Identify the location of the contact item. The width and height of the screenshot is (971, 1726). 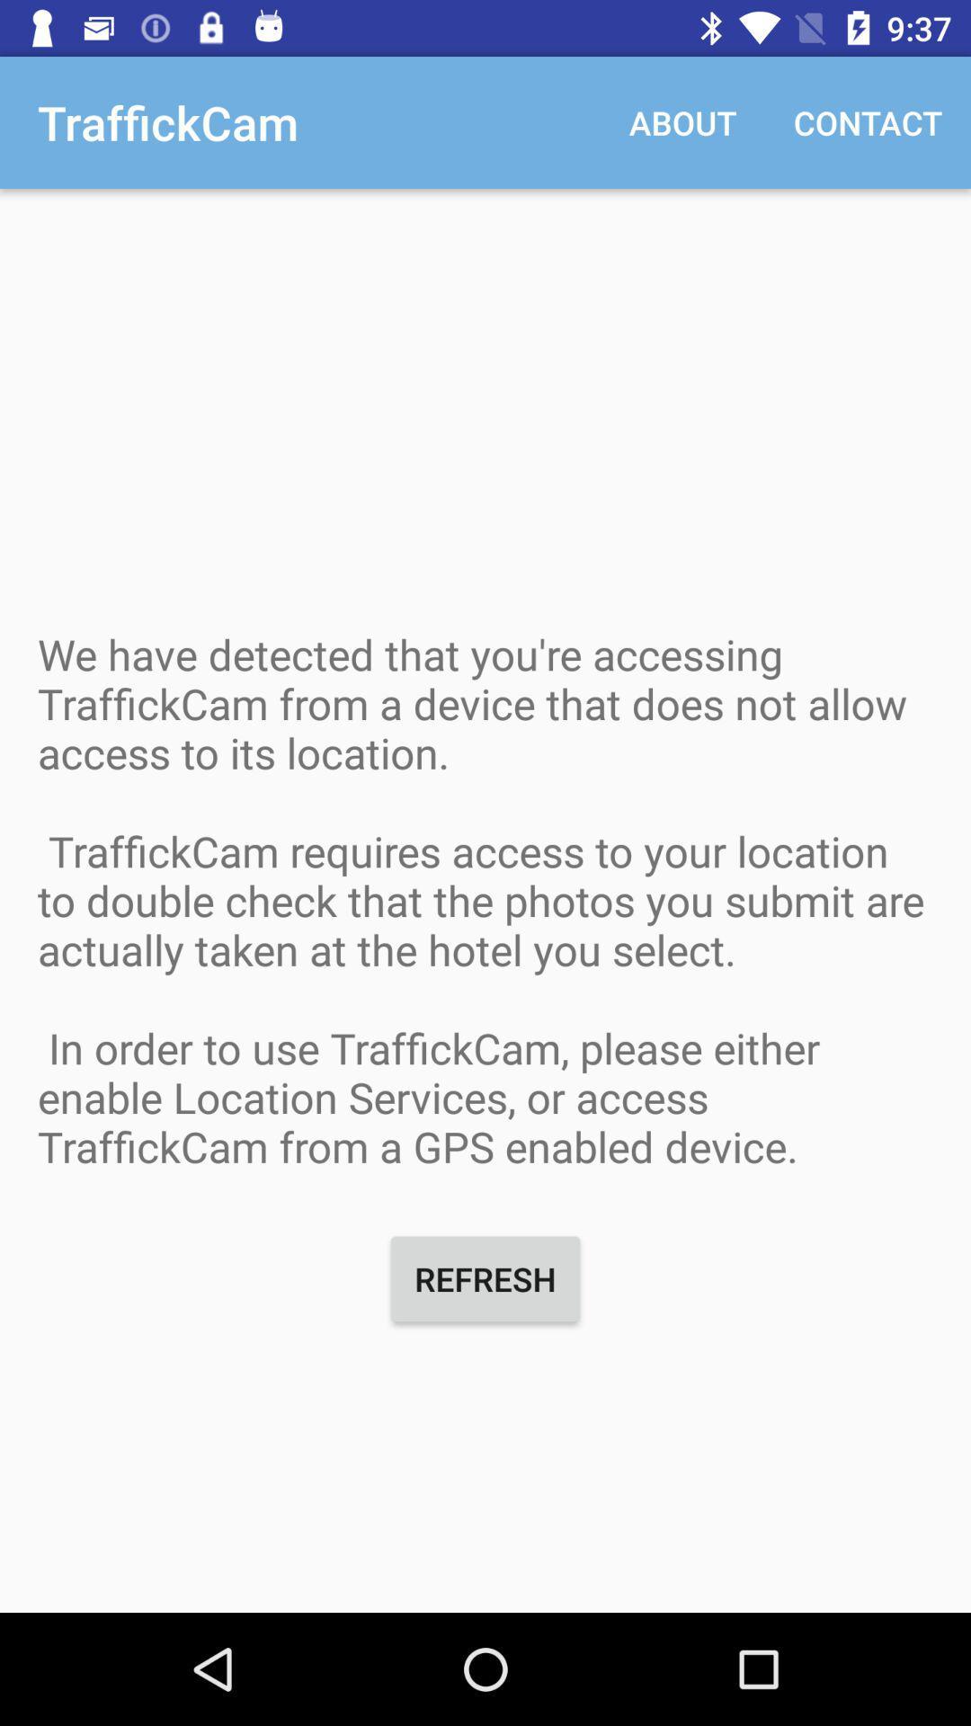
(867, 121).